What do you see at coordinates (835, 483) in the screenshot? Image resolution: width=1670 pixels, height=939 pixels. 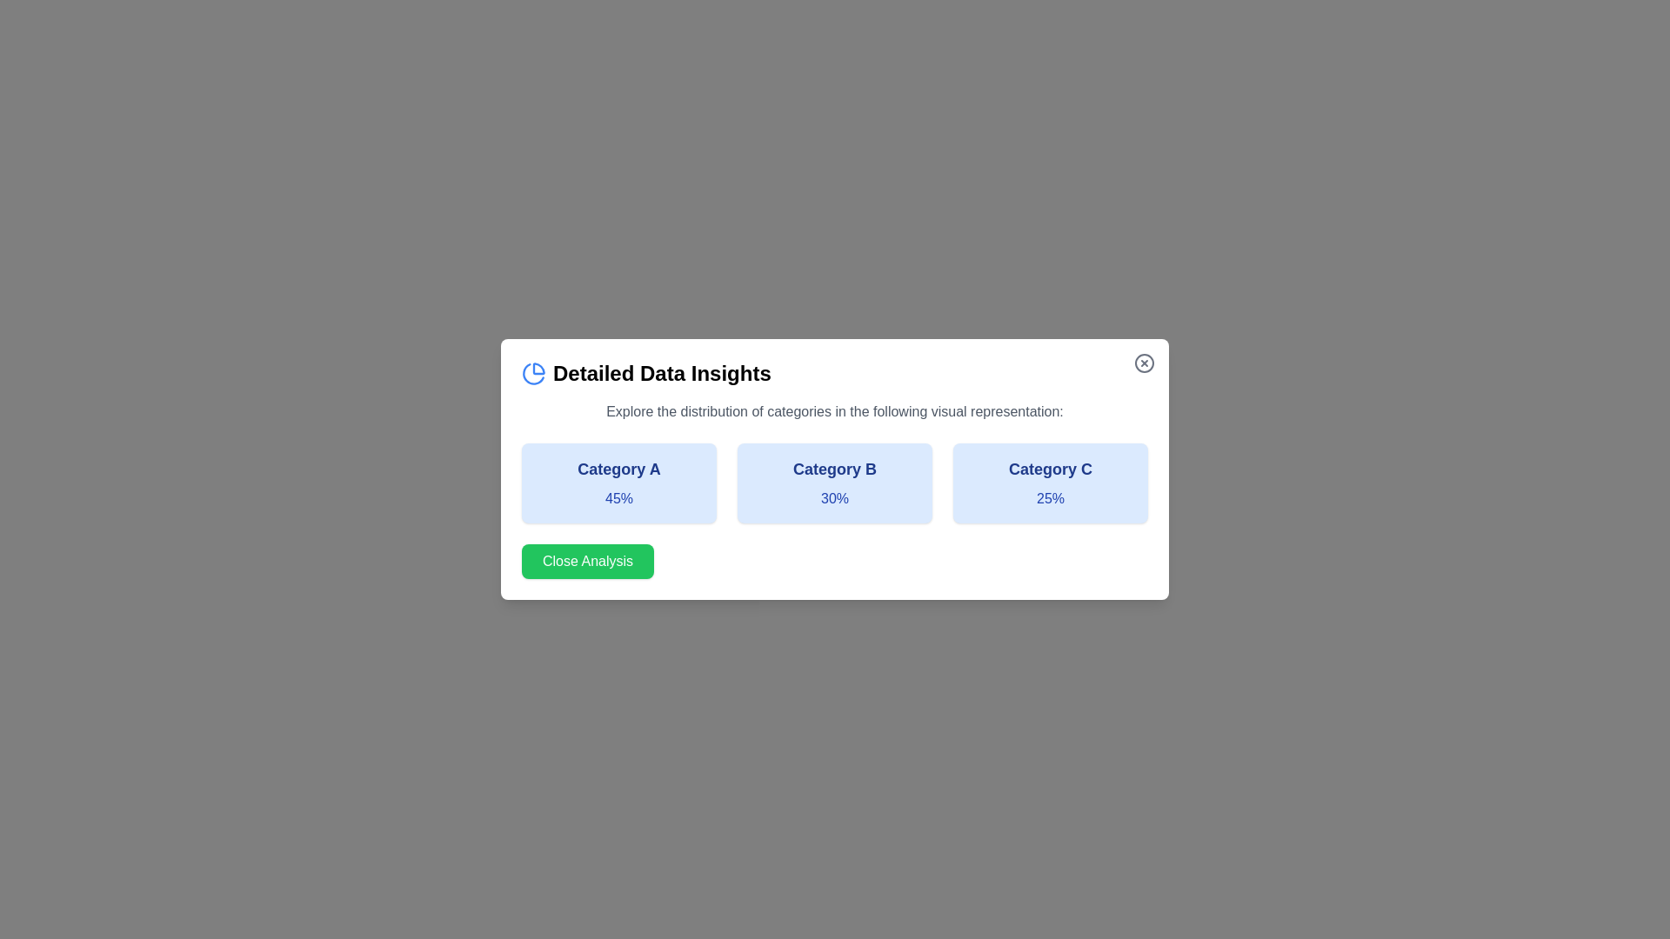 I see `to select or interact with the Data display card for 'Category B', which shows a percentage value in the center column of the grid layout` at bounding box center [835, 483].